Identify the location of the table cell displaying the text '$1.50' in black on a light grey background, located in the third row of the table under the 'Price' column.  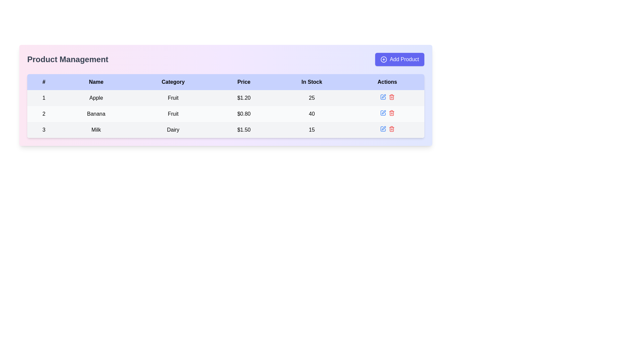
(244, 130).